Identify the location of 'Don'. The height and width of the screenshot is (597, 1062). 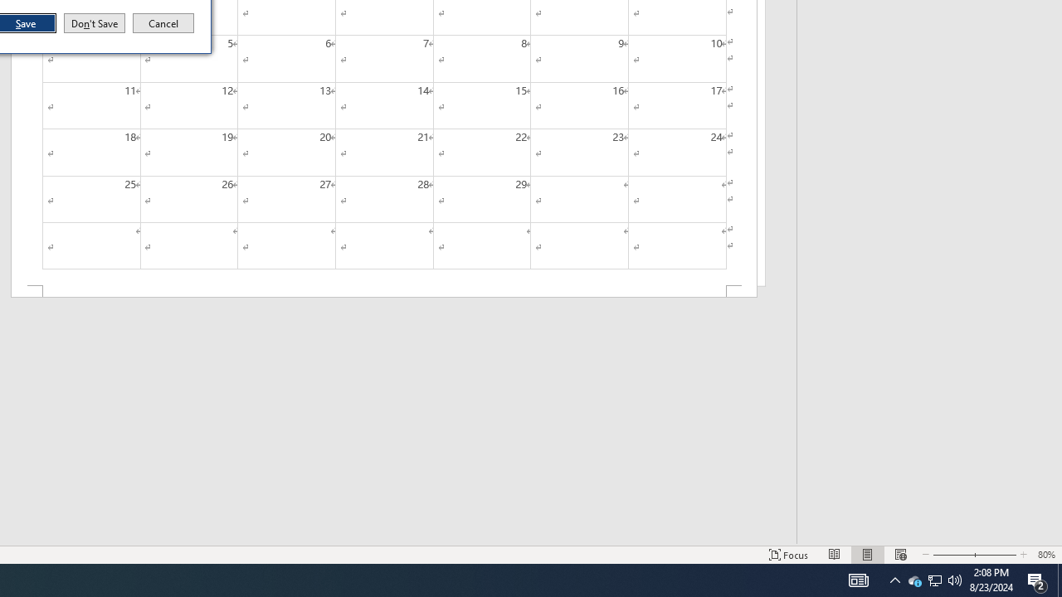
(93, 23).